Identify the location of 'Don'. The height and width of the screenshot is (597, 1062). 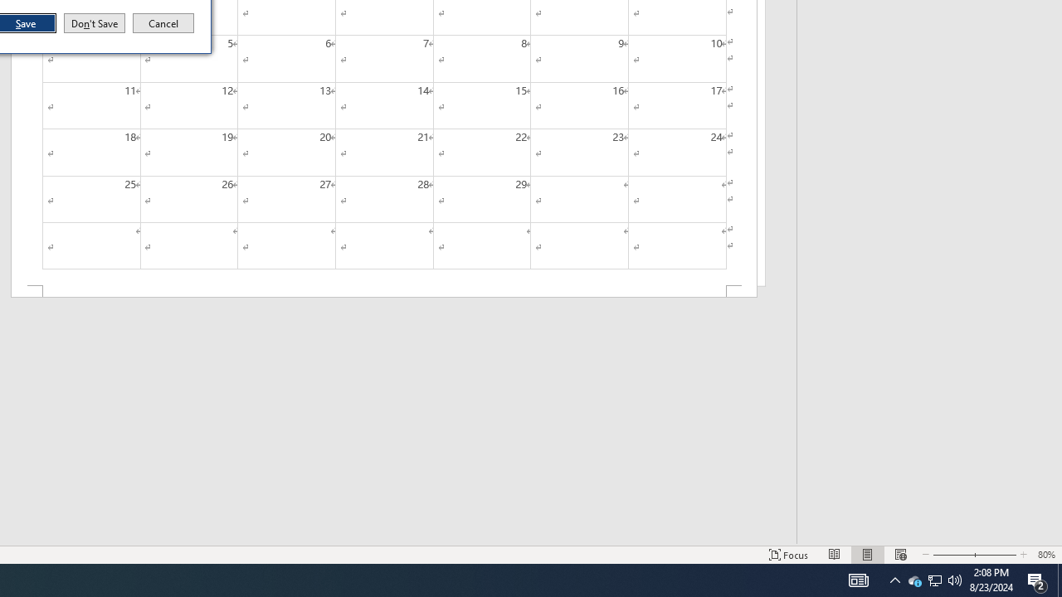
(93, 23).